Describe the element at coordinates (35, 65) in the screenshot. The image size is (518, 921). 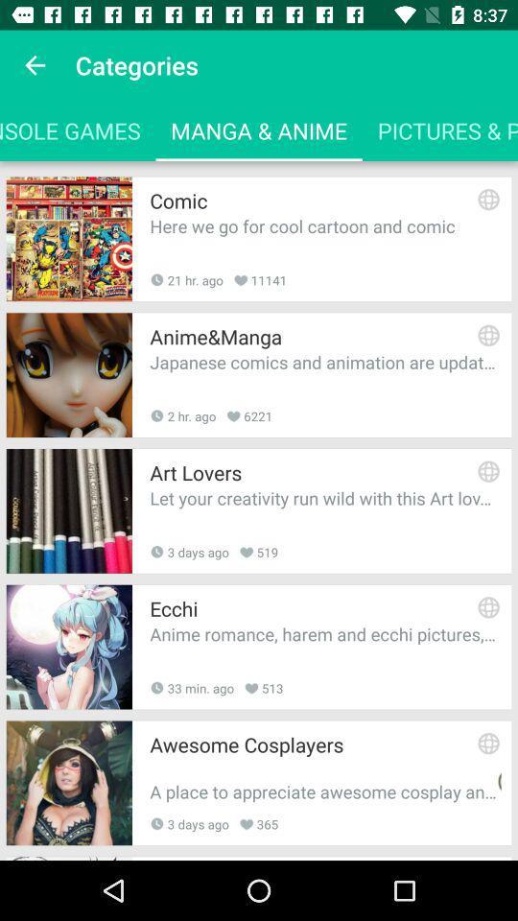
I see `the icon next to the categories item` at that location.